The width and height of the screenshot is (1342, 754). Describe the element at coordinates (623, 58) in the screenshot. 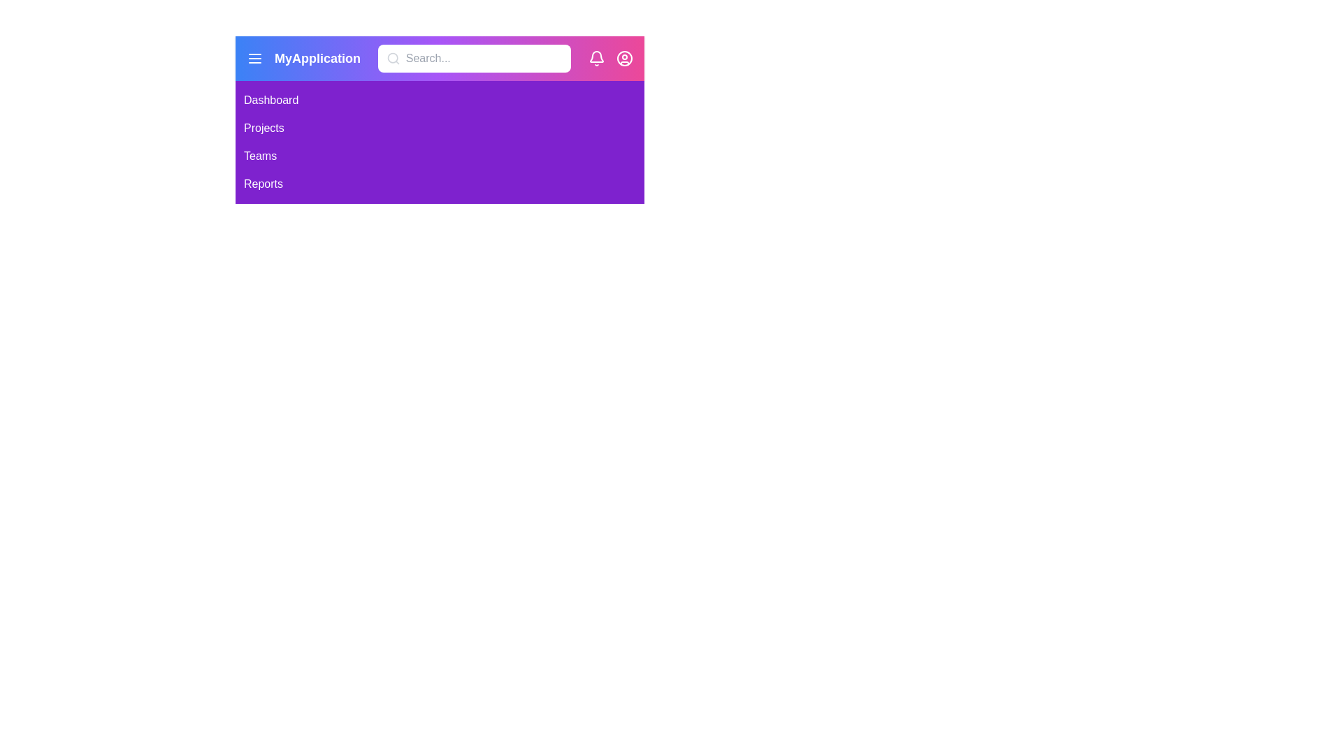

I see `the user icon to access user options` at that location.